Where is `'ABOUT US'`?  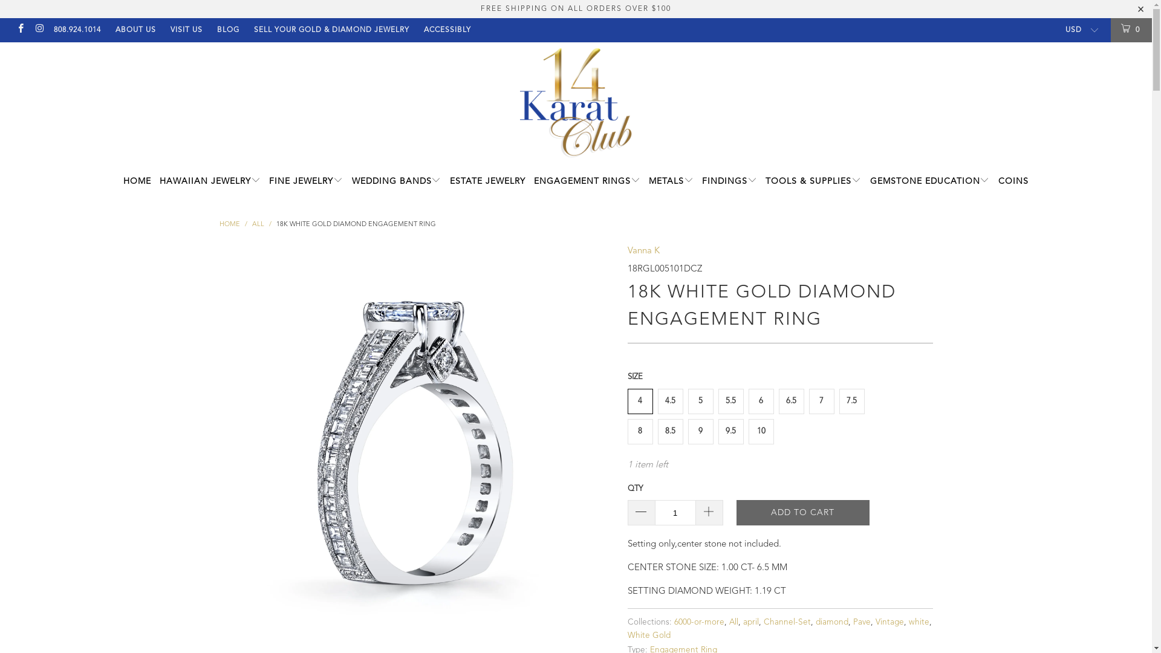 'ABOUT US' is located at coordinates (115, 30).